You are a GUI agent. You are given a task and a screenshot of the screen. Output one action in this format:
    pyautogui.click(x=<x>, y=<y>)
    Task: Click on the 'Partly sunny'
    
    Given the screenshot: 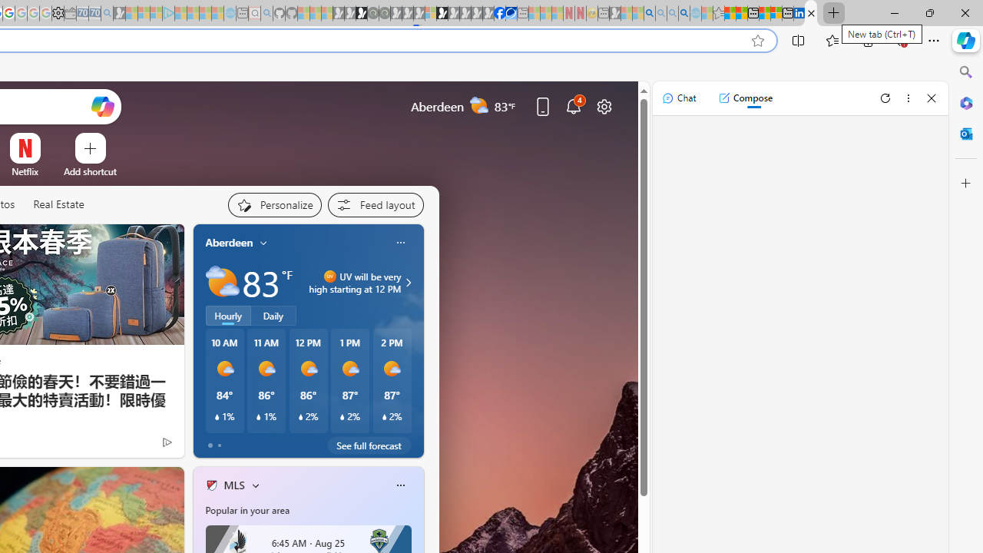 What is the action you would take?
    pyautogui.click(x=221, y=283)
    